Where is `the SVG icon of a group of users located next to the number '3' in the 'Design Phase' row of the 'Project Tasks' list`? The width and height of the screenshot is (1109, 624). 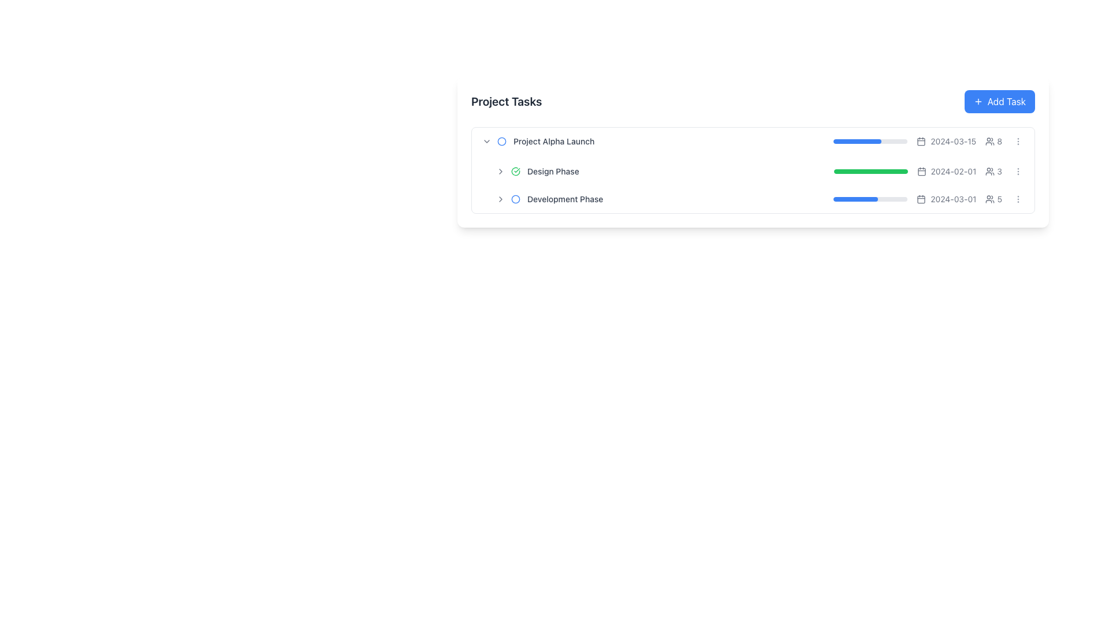 the SVG icon of a group of users located next to the number '3' in the 'Design Phase' row of the 'Project Tasks' list is located at coordinates (989, 172).